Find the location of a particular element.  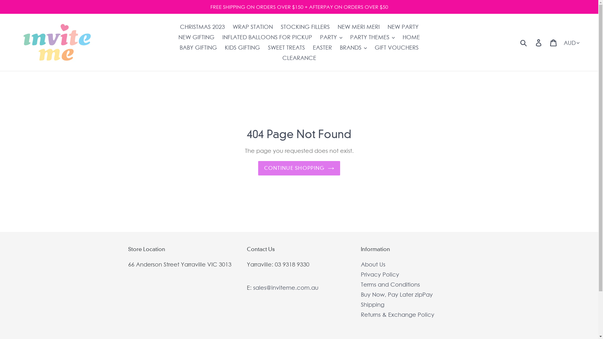

'Cart' is located at coordinates (554, 42).